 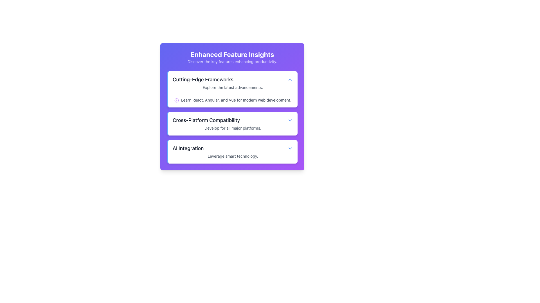 What do you see at coordinates (290, 148) in the screenshot?
I see `the chevron down icon` at bounding box center [290, 148].